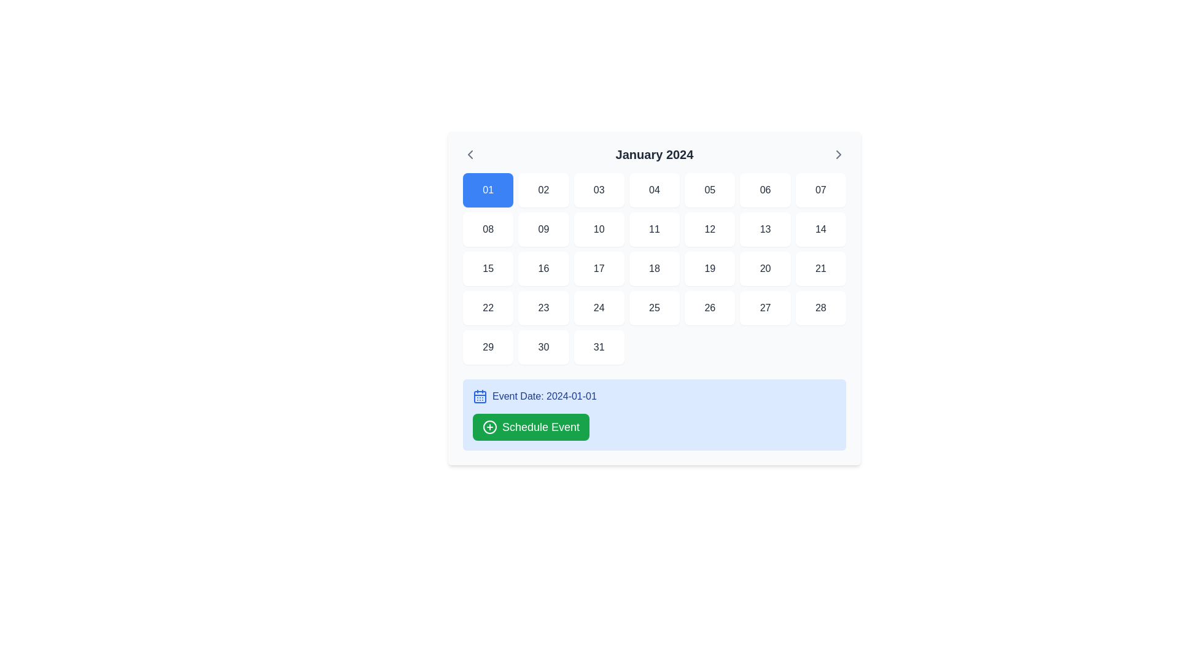 The width and height of the screenshot is (1179, 663). What do you see at coordinates (531, 426) in the screenshot?
I see `the green button labeled 'Schedule Event' with a plus sign icon` at bounding box center [531, 426].